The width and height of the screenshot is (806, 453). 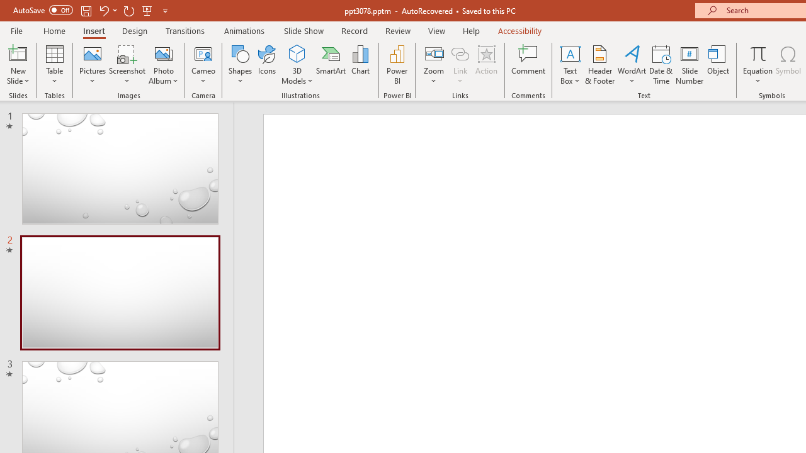 What do you see at coordinates (266, 65) in the screenshot?
I see `'Icons'` at bounding box center [266, 65].